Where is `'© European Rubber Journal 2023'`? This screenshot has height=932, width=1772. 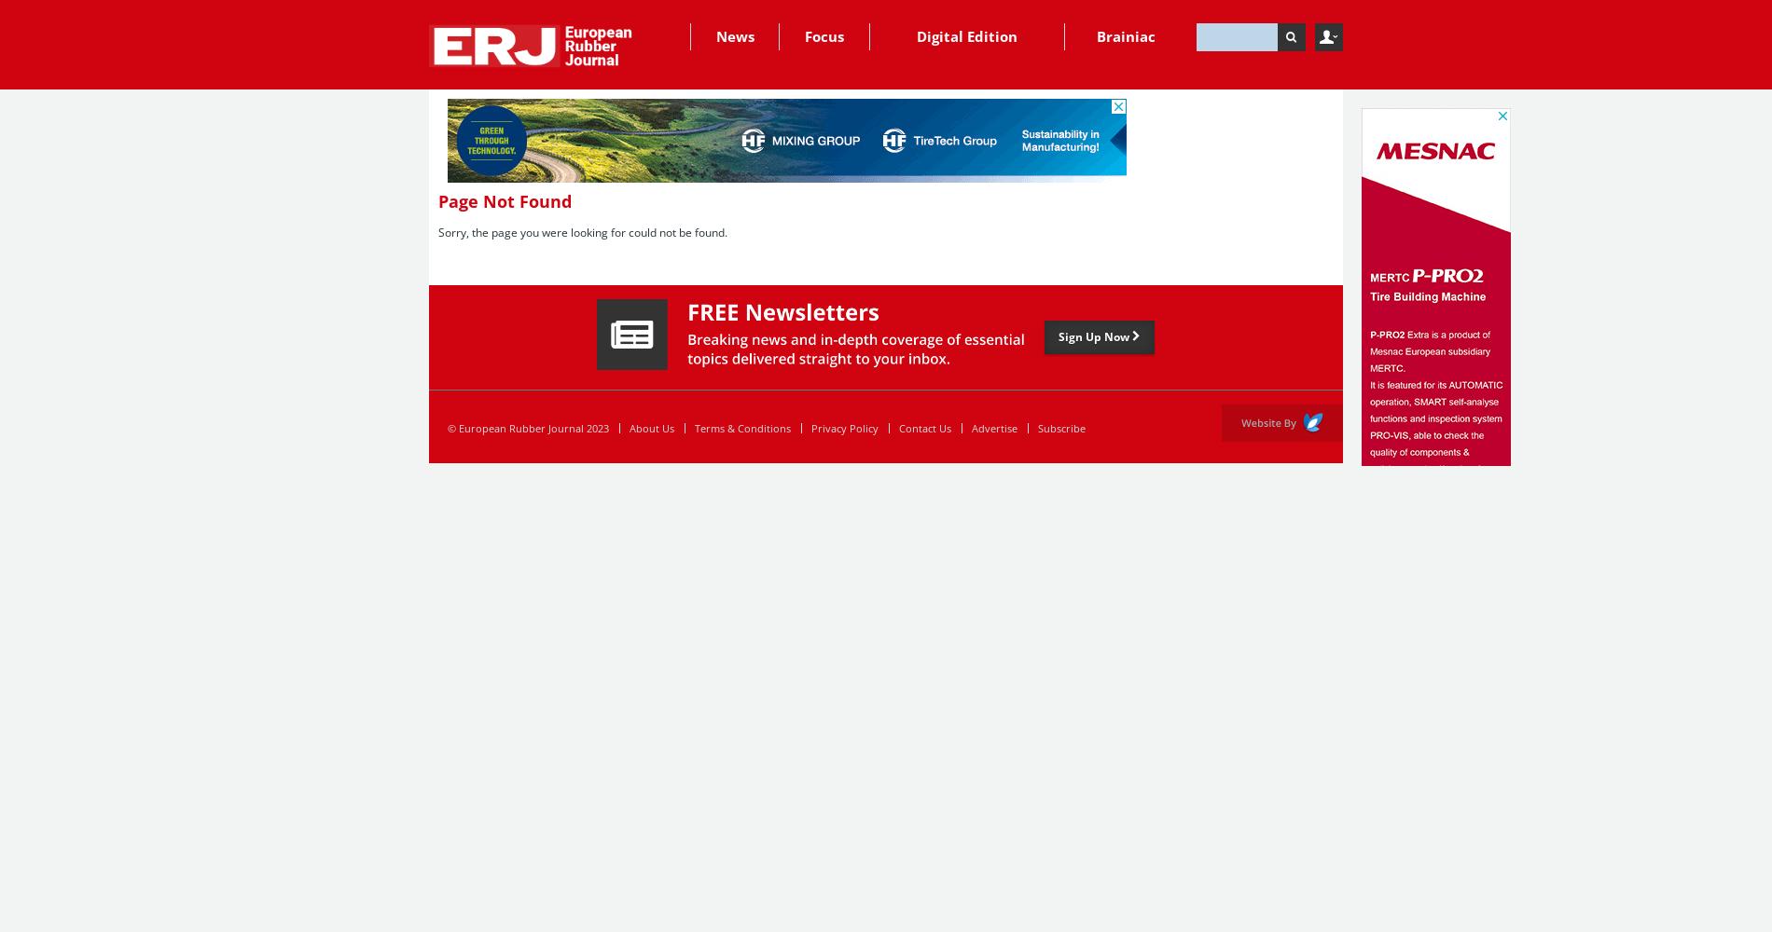
'© European Rubber Journal 2023' is located at coordinates (528, 427).